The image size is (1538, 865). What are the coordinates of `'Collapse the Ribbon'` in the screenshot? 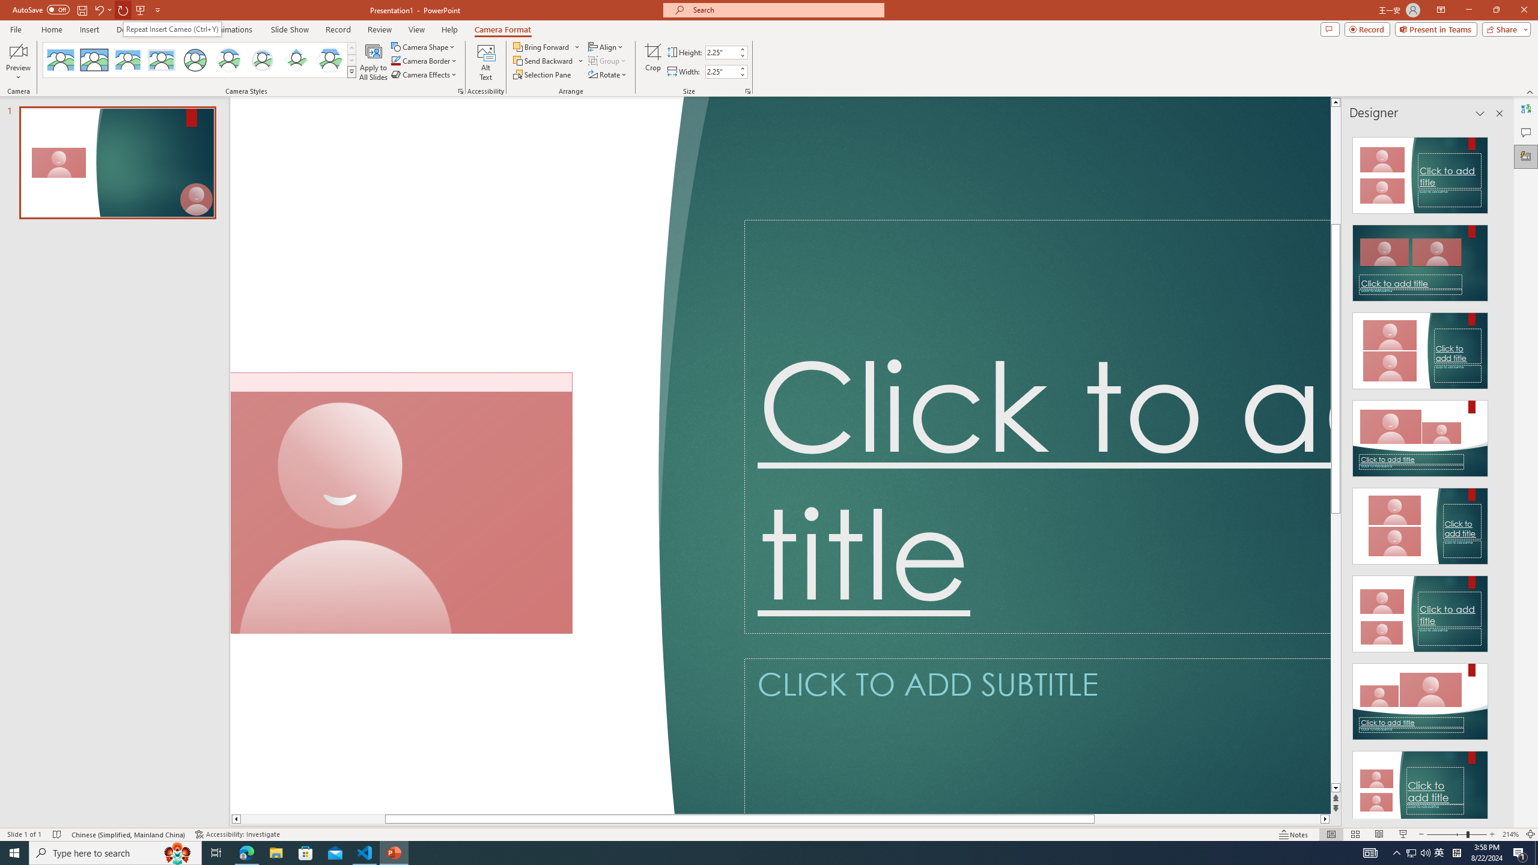 It's located at (1530, 92).